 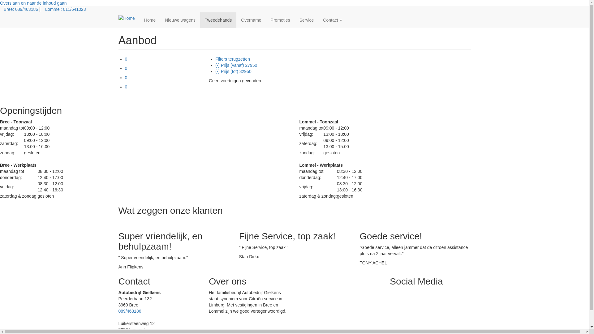 What do you see at coordinates (236, 65) in the screenshot?
I see `'(-) Prijs (vanaf) 27950'` at bounding box center [236, 65].